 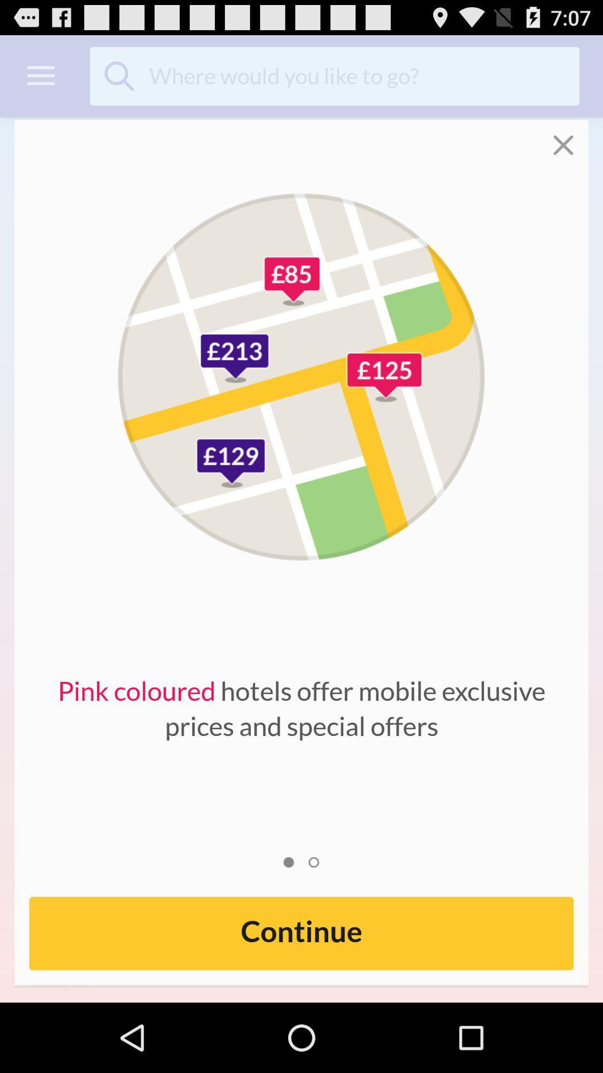 What do you see at coordinates (571, 137) in the screenshot?
I see `popup notification` at bounding box center [571, 137].